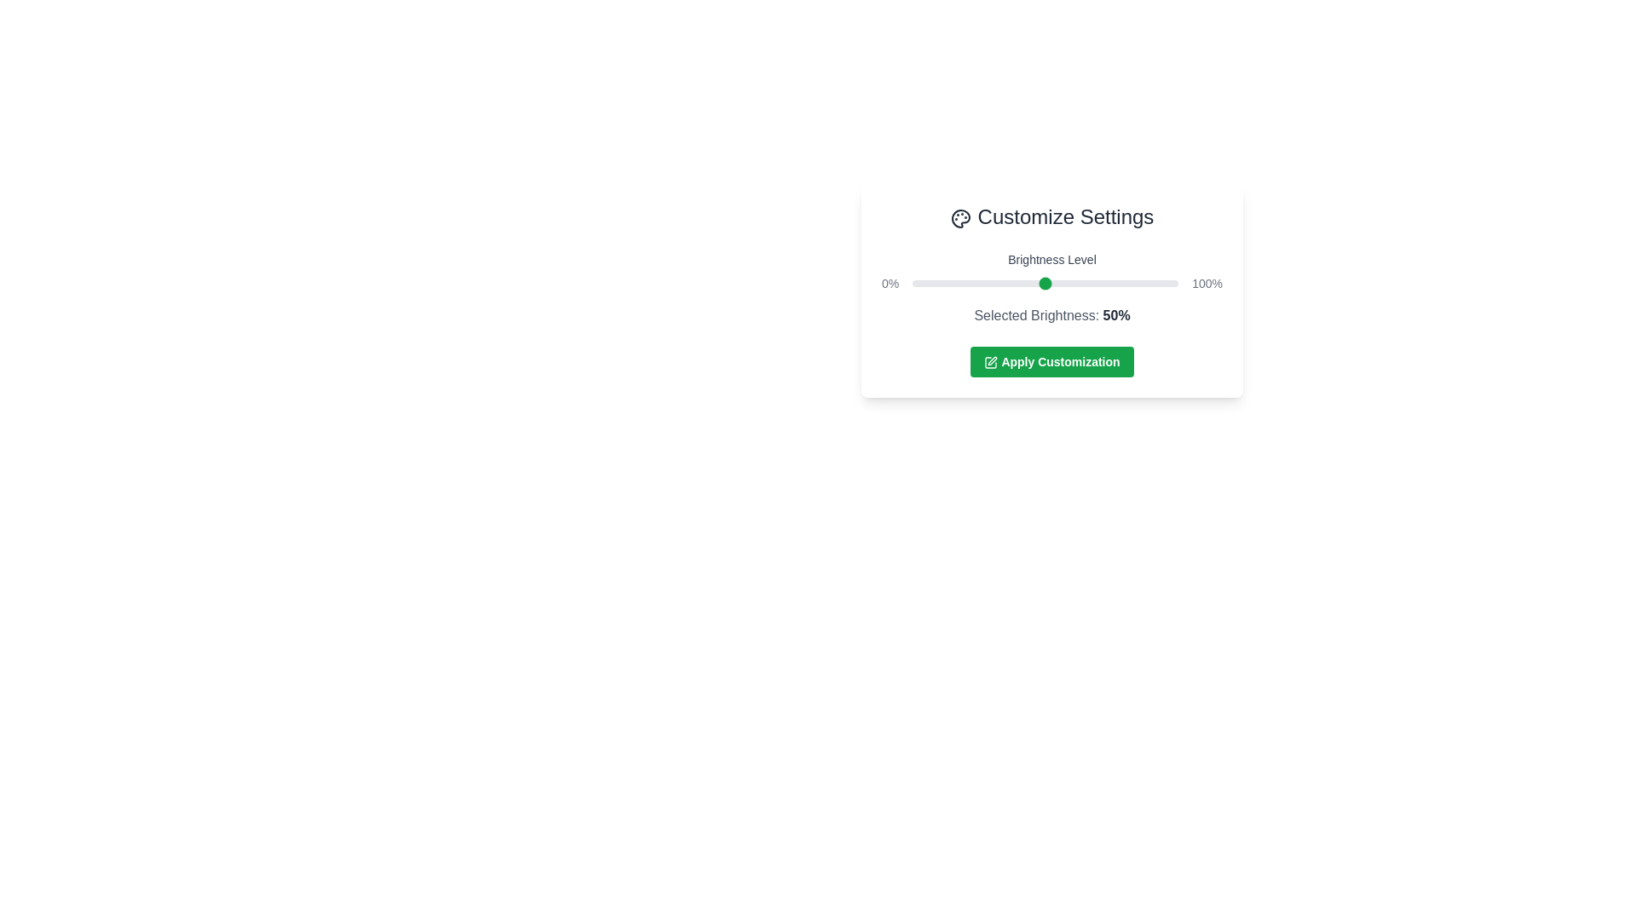  Describe the element at coordinates (1157, 282) in the screenshot. I see `the brightness` at that location.